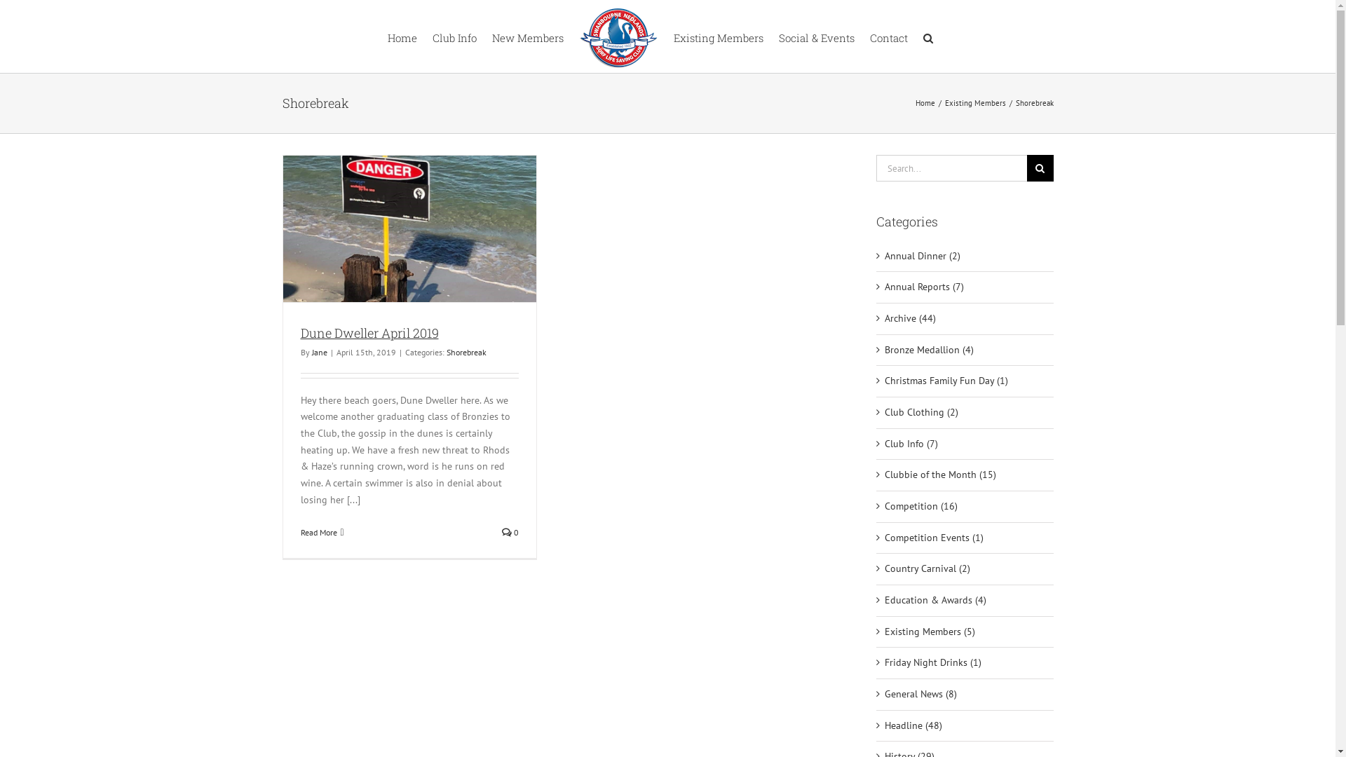 Image resolution: width=1346 pixels, height=757 pixels. What do you see at coordinates (965, 350) in the screenshot?
I see `'Bronze Medallion (4)'` at bounding box center [965, 350].